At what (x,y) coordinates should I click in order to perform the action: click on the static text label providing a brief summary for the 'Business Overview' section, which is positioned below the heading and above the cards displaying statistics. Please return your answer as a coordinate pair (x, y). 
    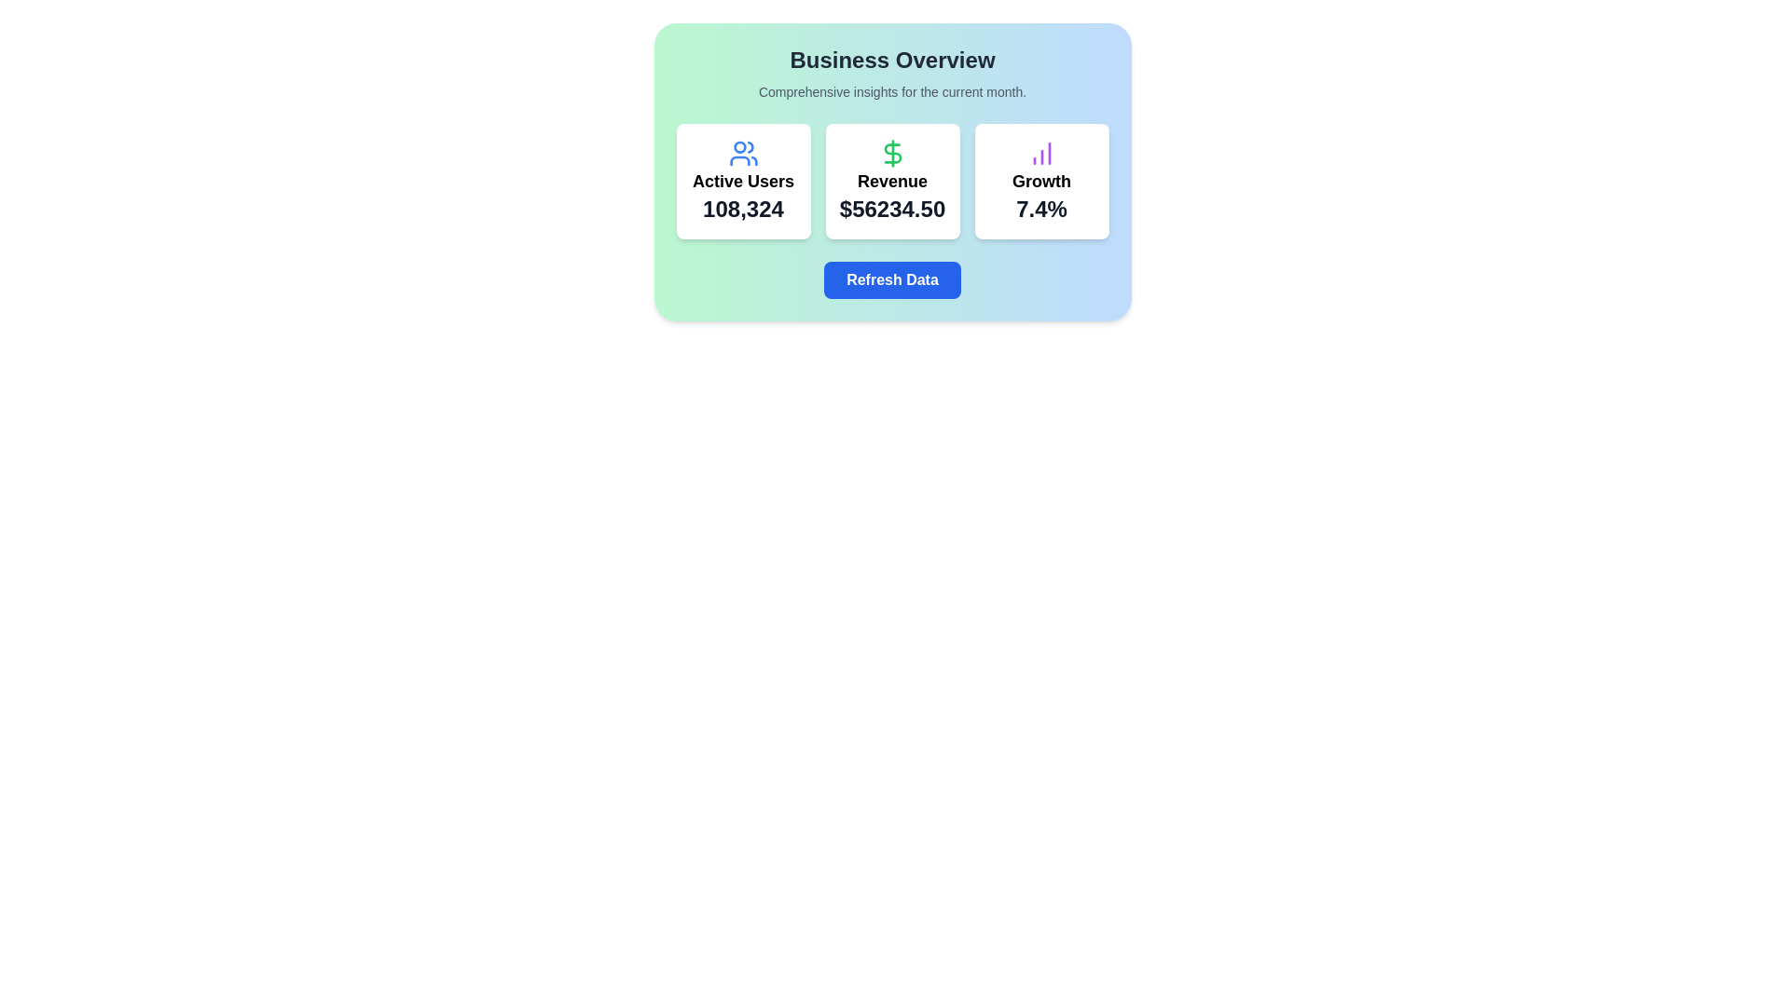
    Looking at the image, I should click on (891, 92).